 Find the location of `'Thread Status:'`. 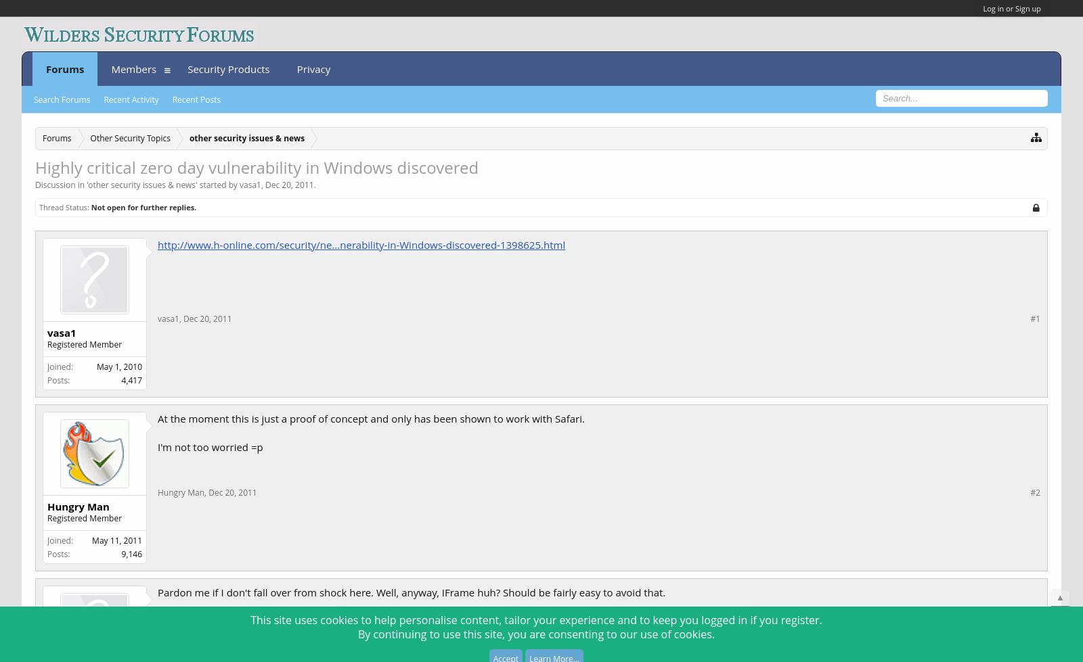

'Thread Status:' is located at coordinates (38, 206).